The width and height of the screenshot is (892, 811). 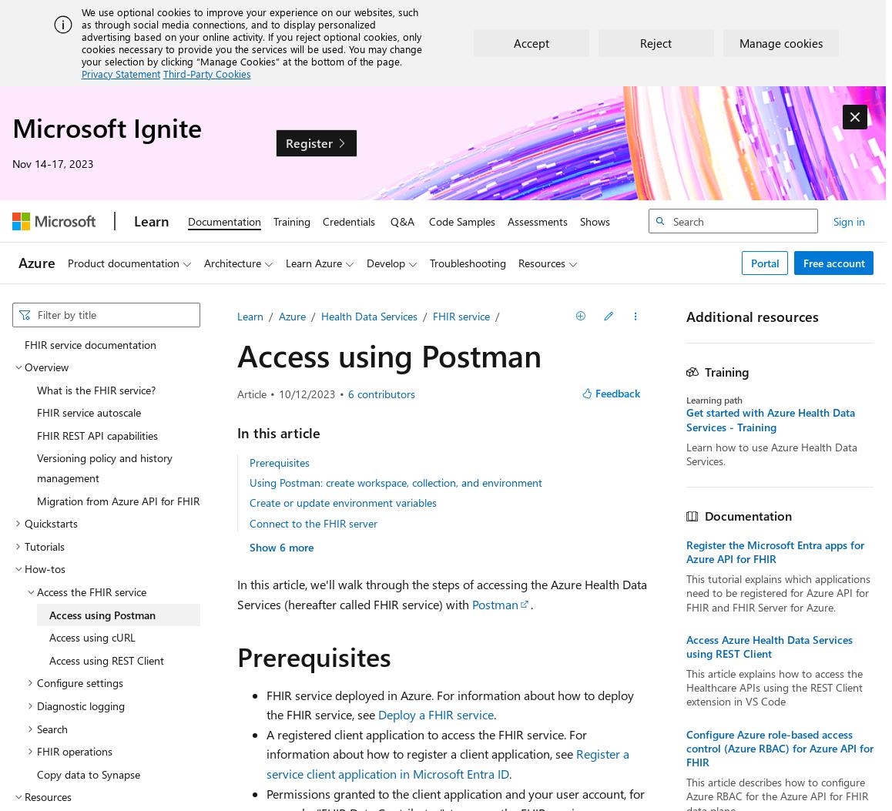 I want to click on 'In this article', so click(x=277, y=431).